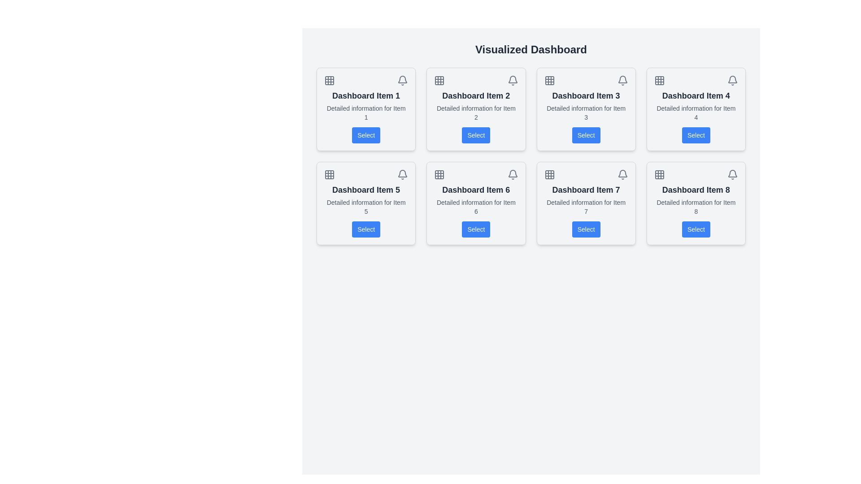 Image resolution: width=861 pixels, height=484 pixels. I want to click on the individual icons located in the horizontal row layout at the top section of the card labeled 'Dashboard Item 3', so click(586, 81).